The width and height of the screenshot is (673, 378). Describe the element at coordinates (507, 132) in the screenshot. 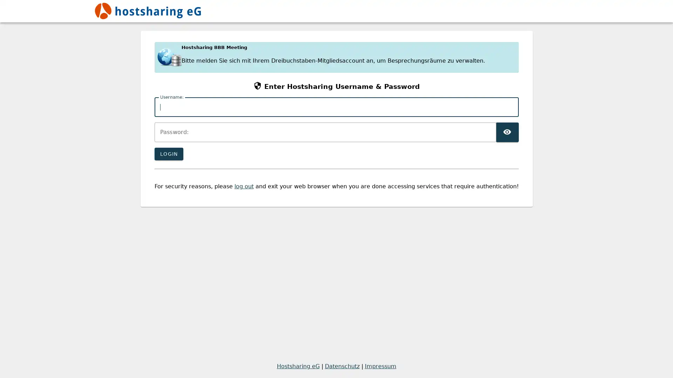

I see `TOGGLE PASSWORD` at that location.